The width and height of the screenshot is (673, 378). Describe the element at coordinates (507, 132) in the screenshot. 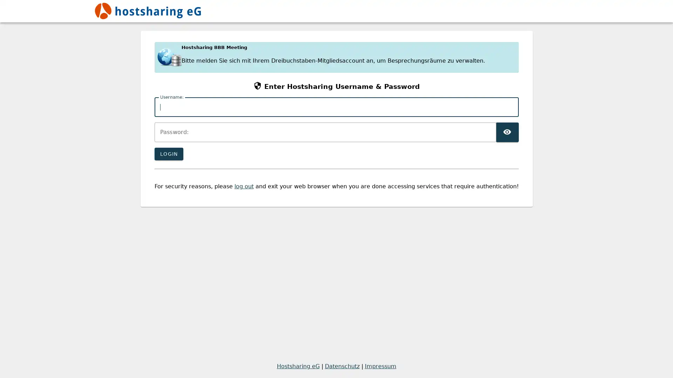

I see `TOGGLE PASSWORD` at that location.